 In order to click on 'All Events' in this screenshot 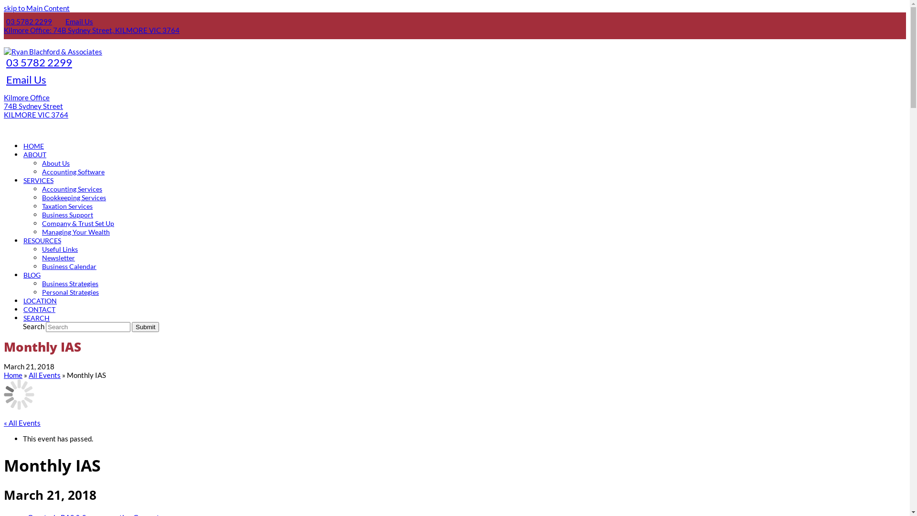, I will do `click(44, 375)`.